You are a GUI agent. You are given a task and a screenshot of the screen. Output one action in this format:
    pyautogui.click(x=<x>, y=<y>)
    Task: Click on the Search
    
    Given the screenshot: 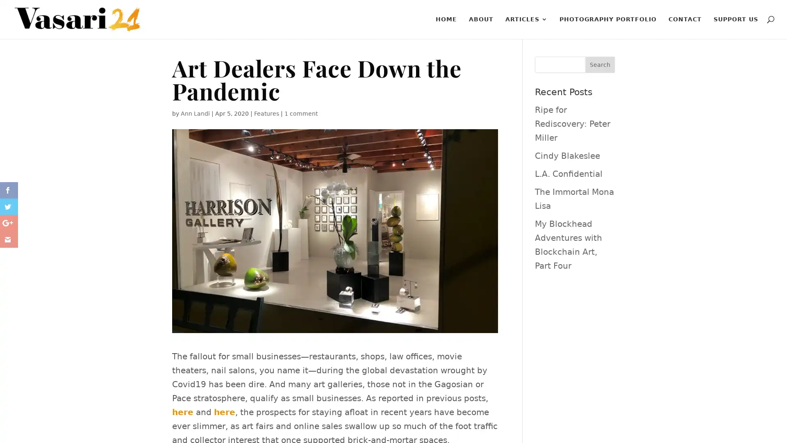 What is the action you would take?
    pyautogui.click(x=600, y=64)
    